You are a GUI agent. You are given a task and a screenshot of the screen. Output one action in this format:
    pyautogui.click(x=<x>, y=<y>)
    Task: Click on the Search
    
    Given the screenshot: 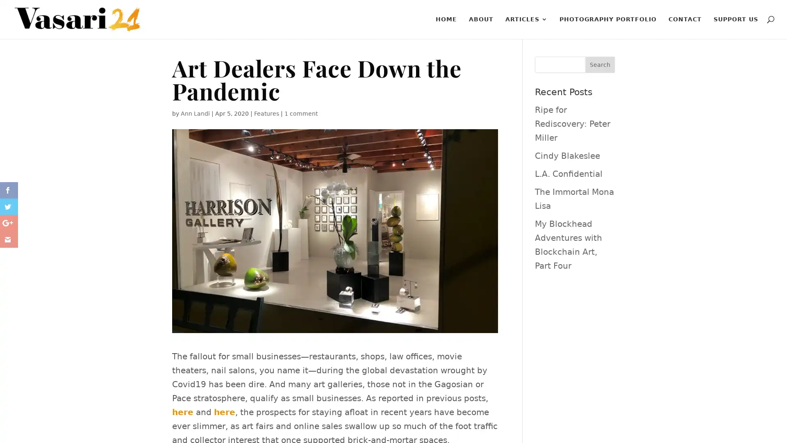 What is the action you would take?
    pyautogui.click(x=600, y=64)
    